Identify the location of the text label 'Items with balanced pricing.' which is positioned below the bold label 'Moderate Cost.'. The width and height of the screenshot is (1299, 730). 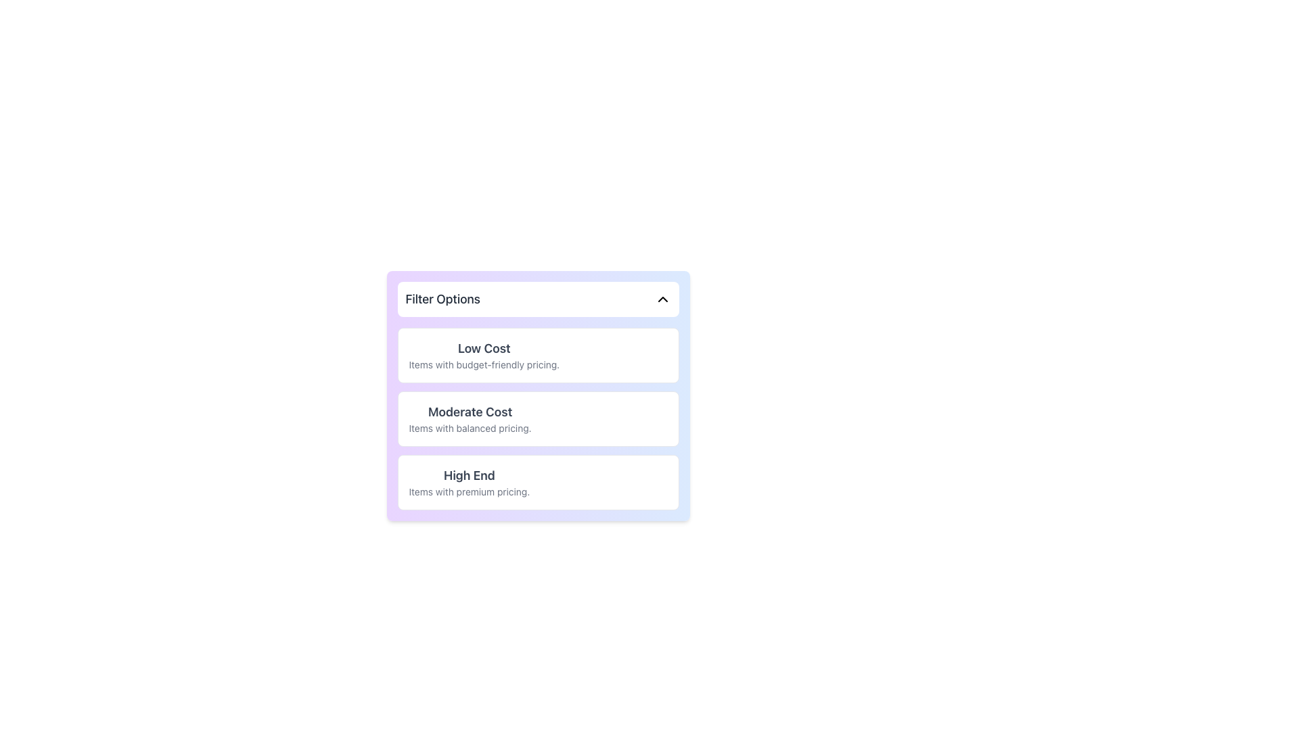
(470, 428).